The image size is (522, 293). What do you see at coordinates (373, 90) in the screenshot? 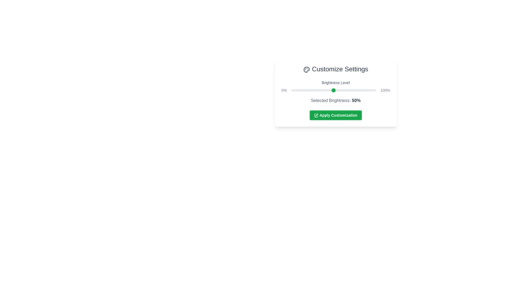
I see `brightness level` at bounding box center [373, 90].